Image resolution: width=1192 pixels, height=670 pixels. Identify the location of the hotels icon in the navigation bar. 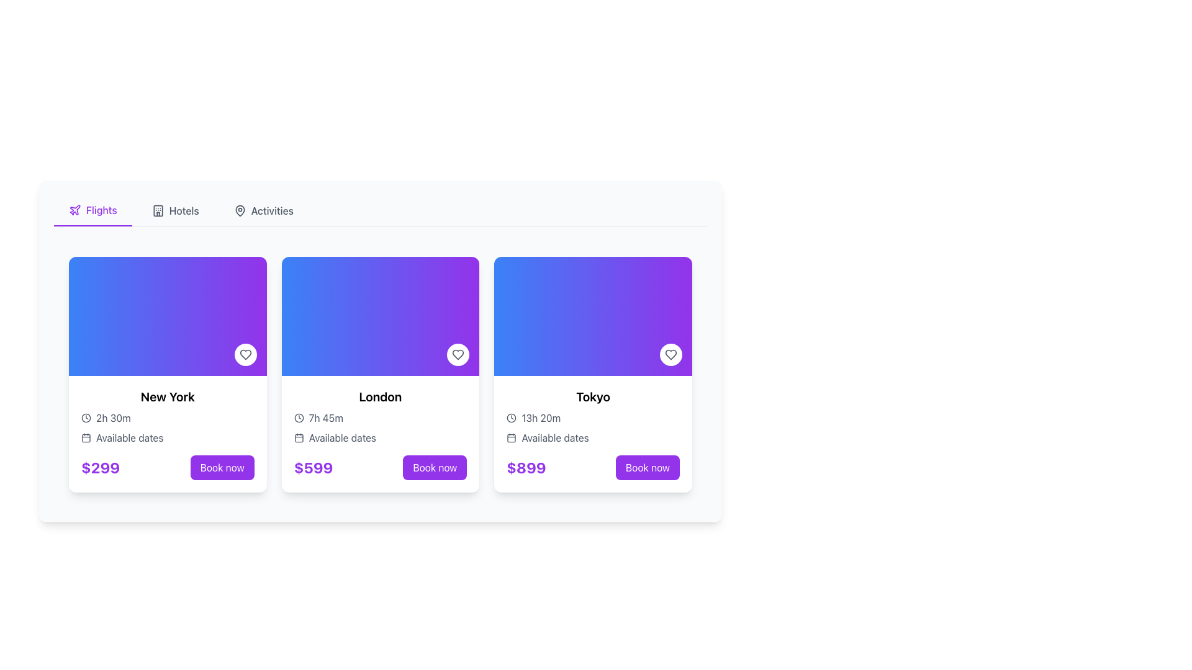
(157, 210).